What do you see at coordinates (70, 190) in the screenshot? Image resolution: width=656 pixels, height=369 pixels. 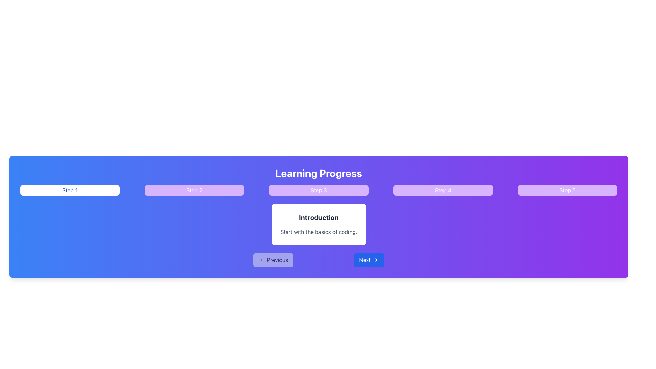 I see `the 'Step 1' indicator button in the multi-step process` at bounding box center [70, 190].